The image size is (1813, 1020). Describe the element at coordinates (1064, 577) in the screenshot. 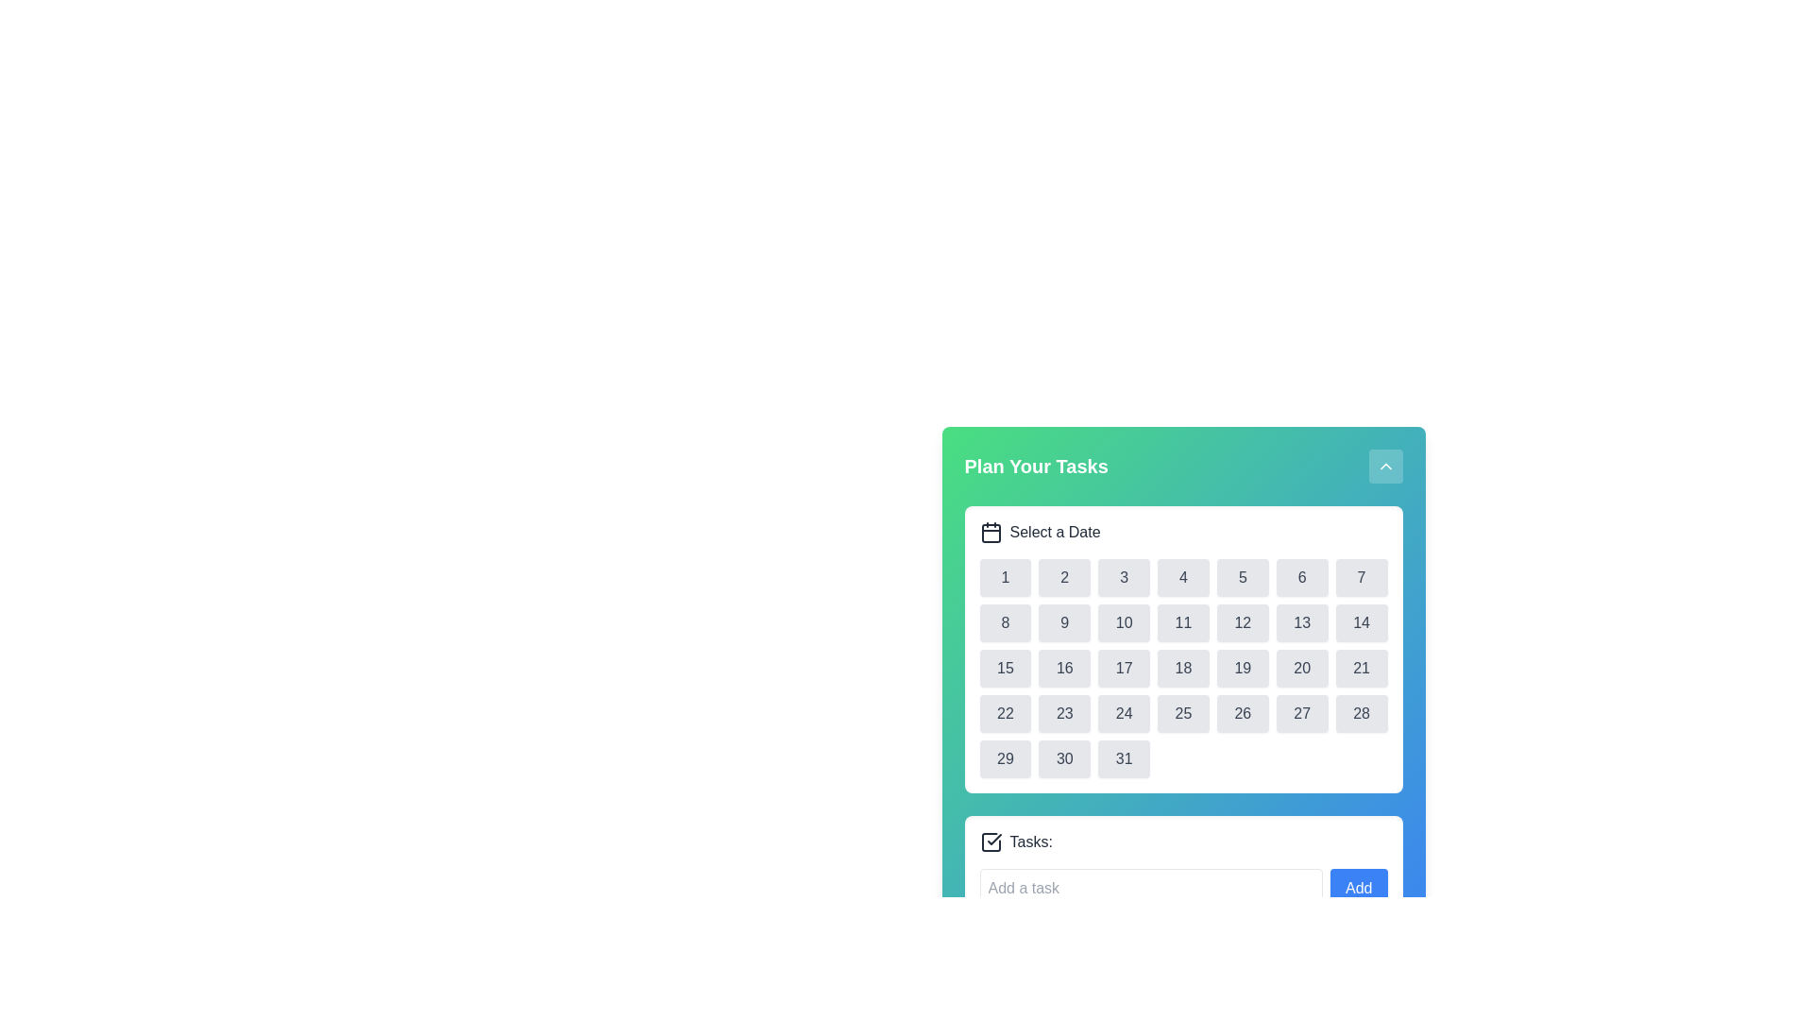

I see `the square button displaying the number '2' with a light gray background located in the calendar grid under the 'Select a Date' title` at that location.